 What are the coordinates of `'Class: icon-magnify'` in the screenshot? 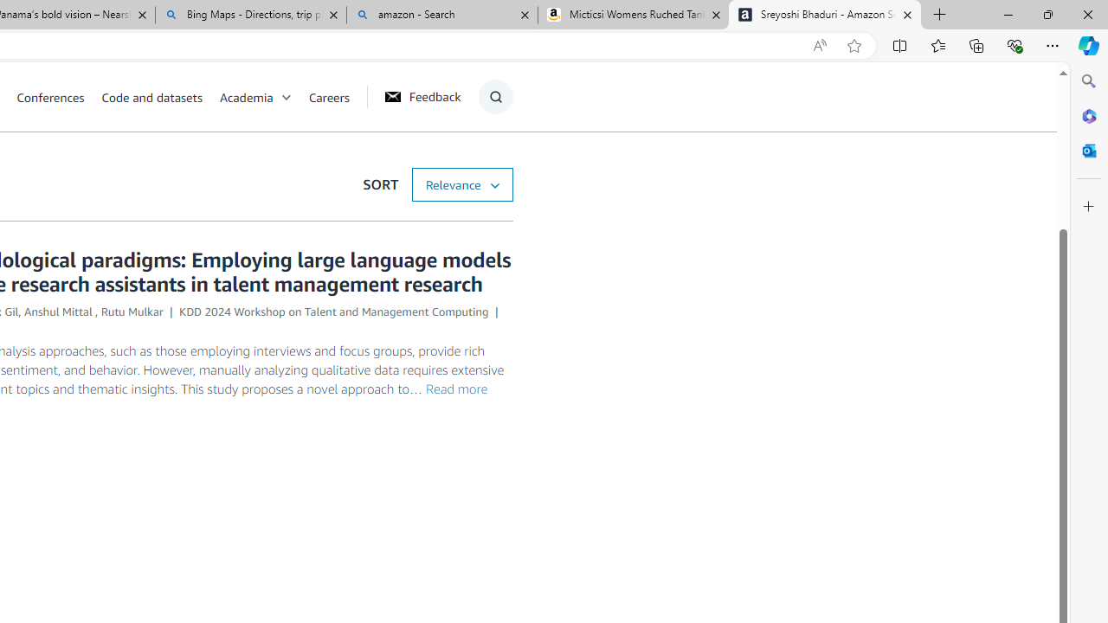 It's located at (494, 96).